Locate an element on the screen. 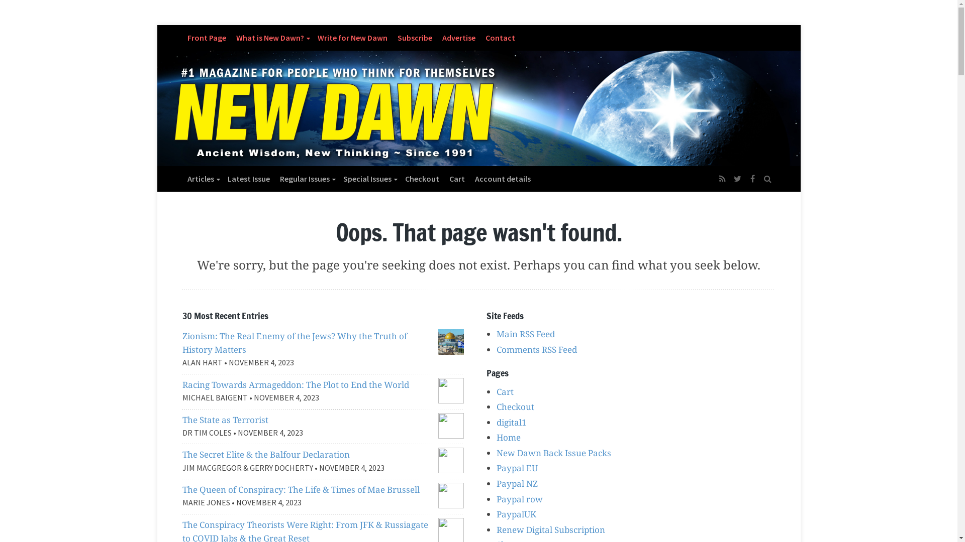  'Racing Towards Armageddon: The Plot to End the World' is located at coordinates (295, 384).